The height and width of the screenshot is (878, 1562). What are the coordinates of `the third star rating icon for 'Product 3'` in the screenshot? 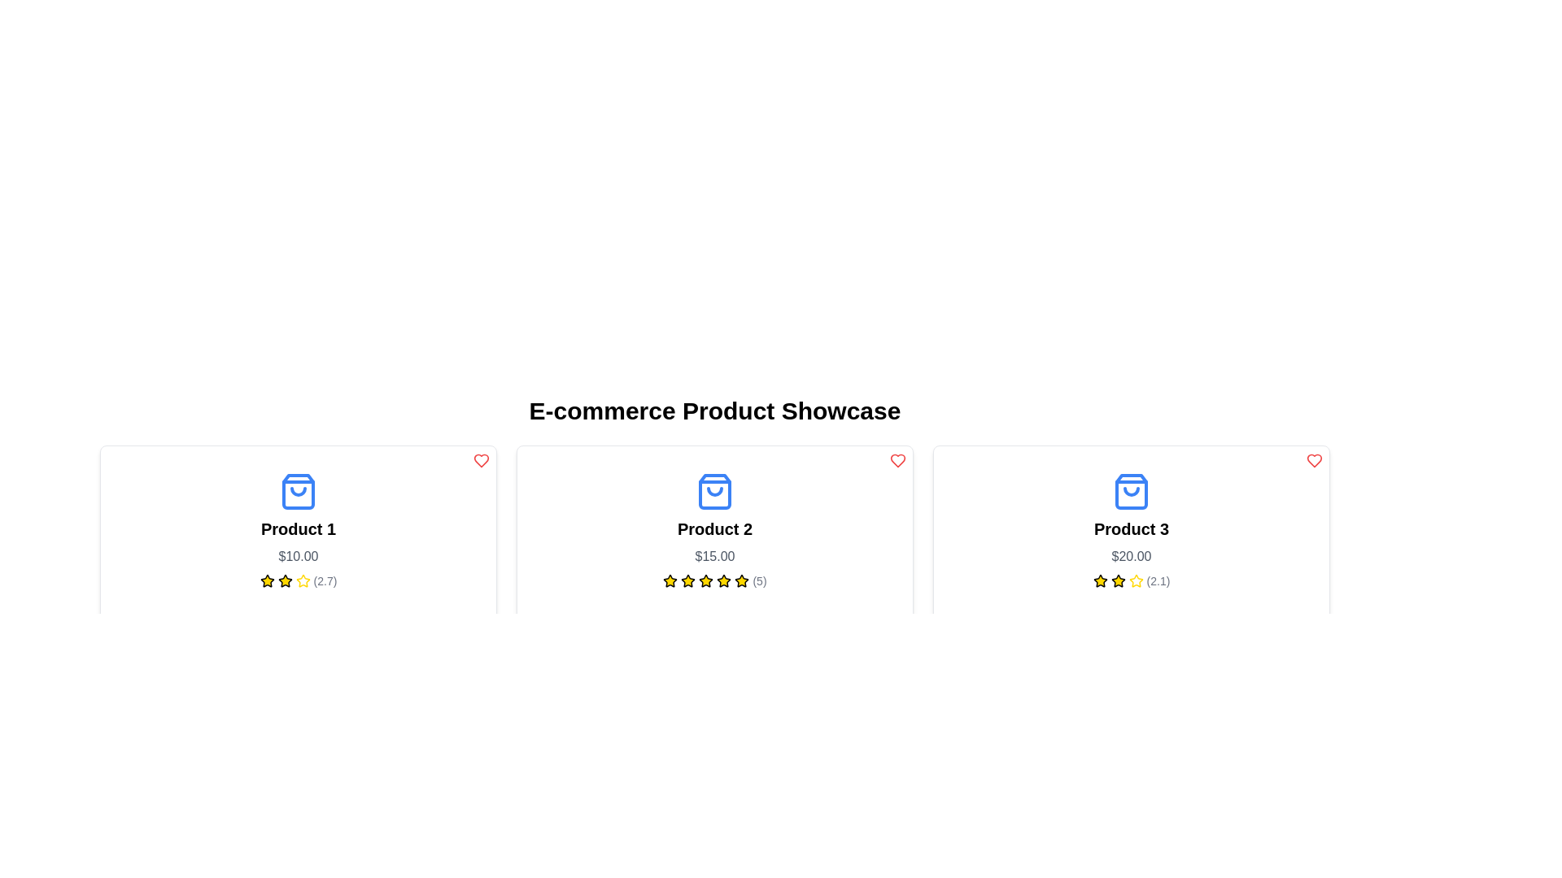 It's located at (1135, 580).